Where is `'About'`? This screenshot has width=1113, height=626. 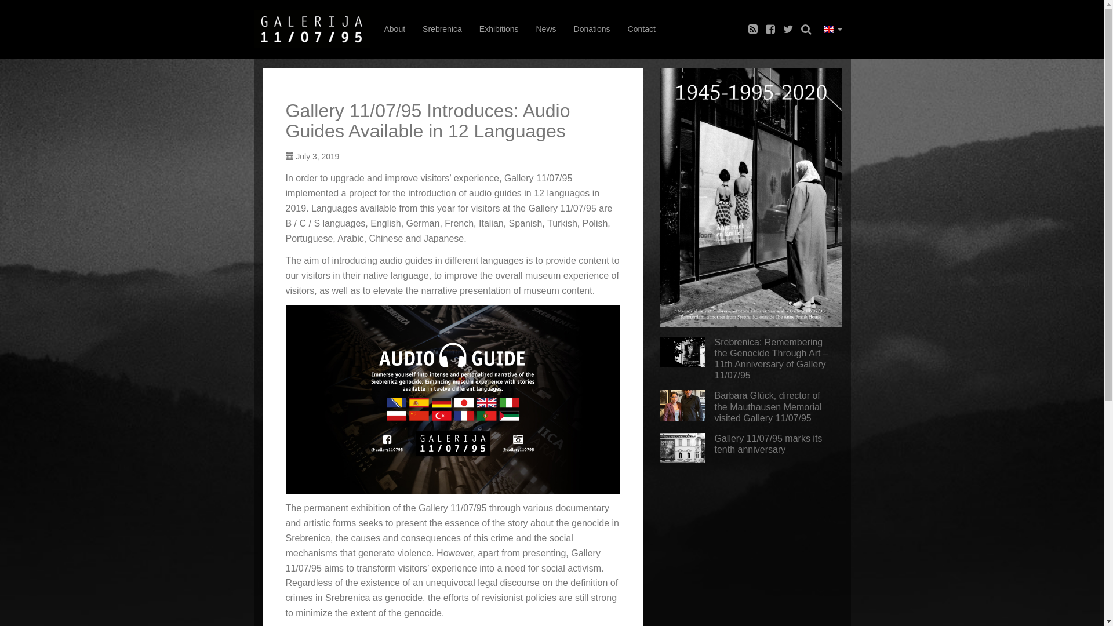
'About' is located at coordinates (376, 28).